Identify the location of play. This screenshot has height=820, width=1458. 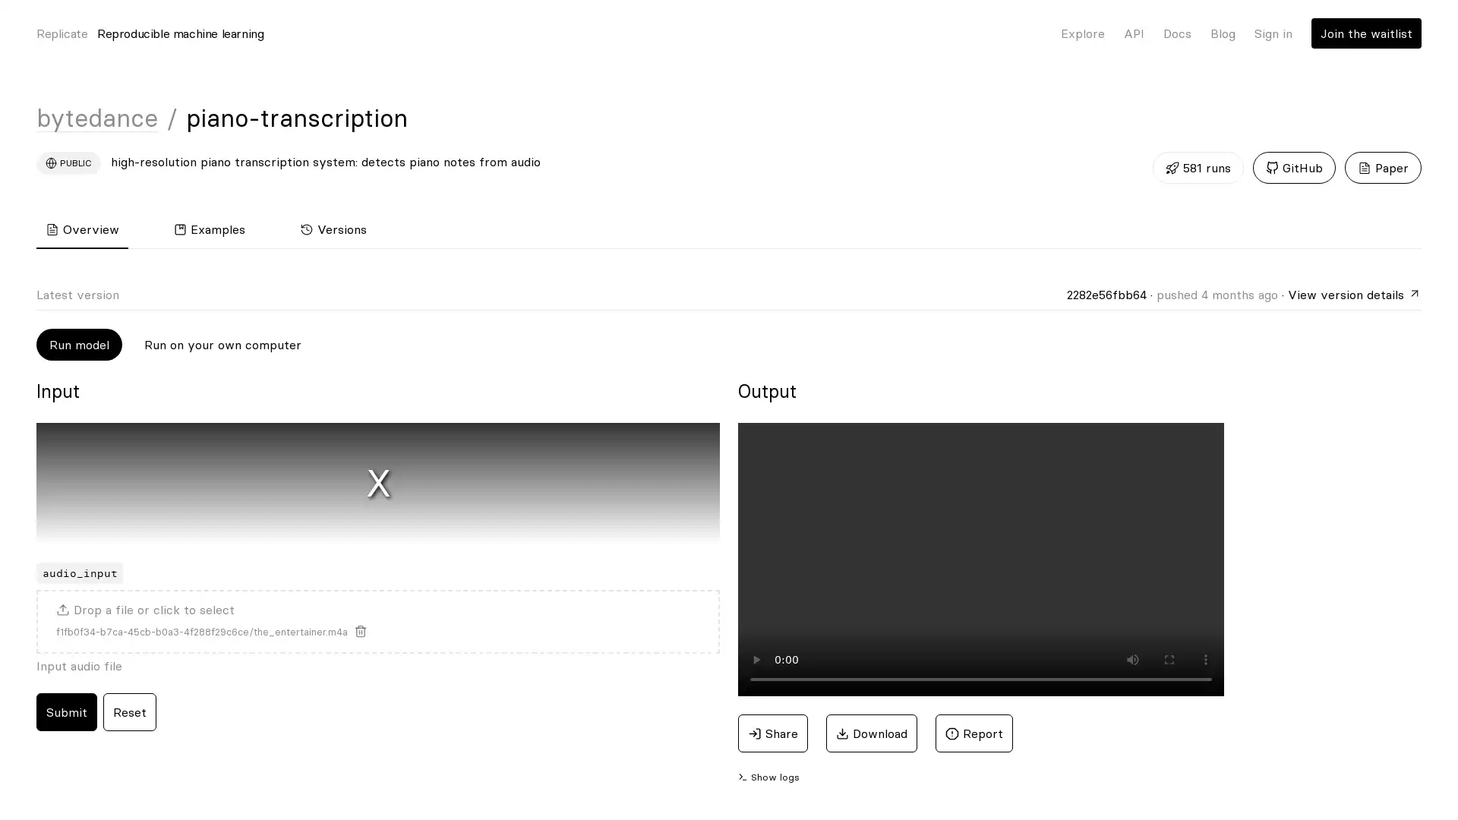
(756, 658).